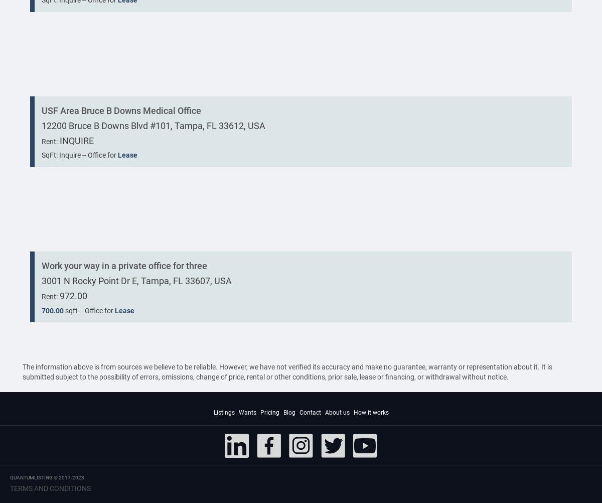  I want to click on '3001 N Rocky Point Dr E, Tampa, FL 33607, USA', so click(136, 281).